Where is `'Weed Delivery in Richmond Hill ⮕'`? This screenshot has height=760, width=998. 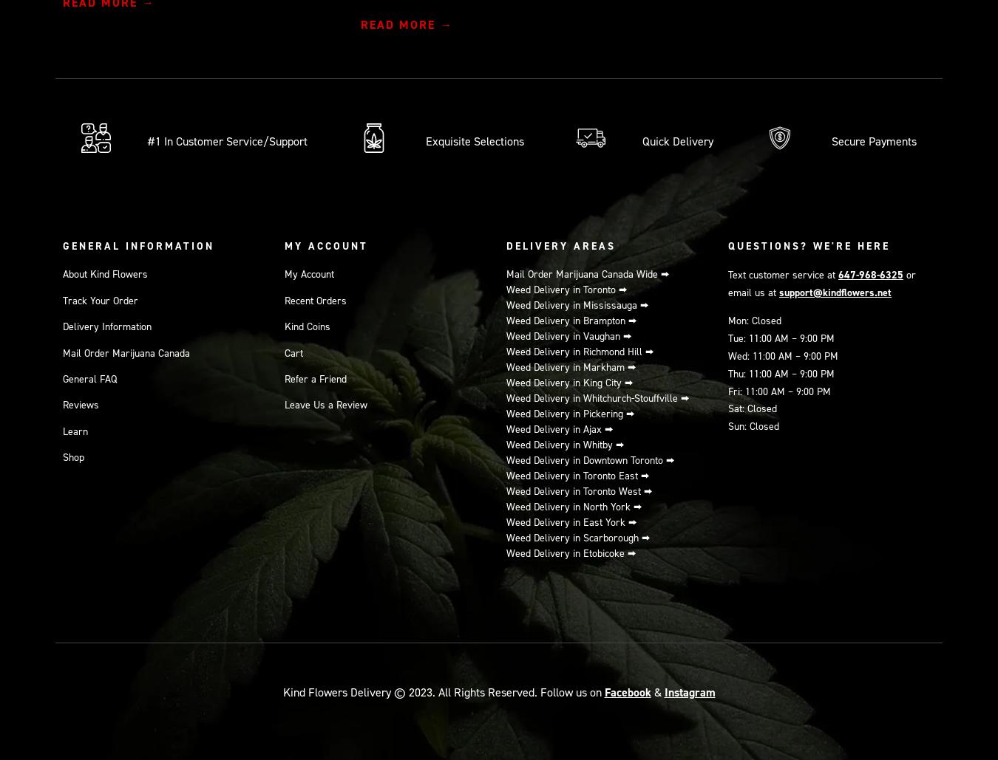
'Weed Delivery in Richmond Hill ⮕' is located at coordinates (580, 352).